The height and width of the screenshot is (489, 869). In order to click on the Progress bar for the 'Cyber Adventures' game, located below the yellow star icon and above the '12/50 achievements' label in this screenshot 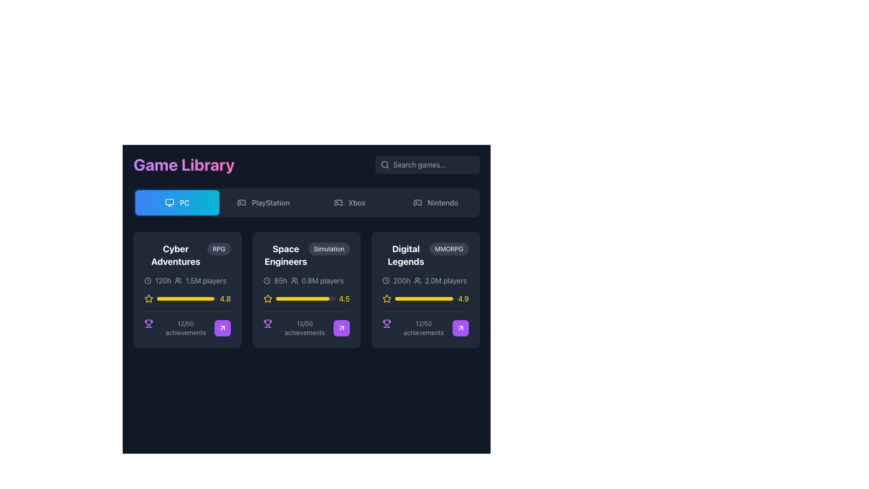, I will do `click(185, 298)`.